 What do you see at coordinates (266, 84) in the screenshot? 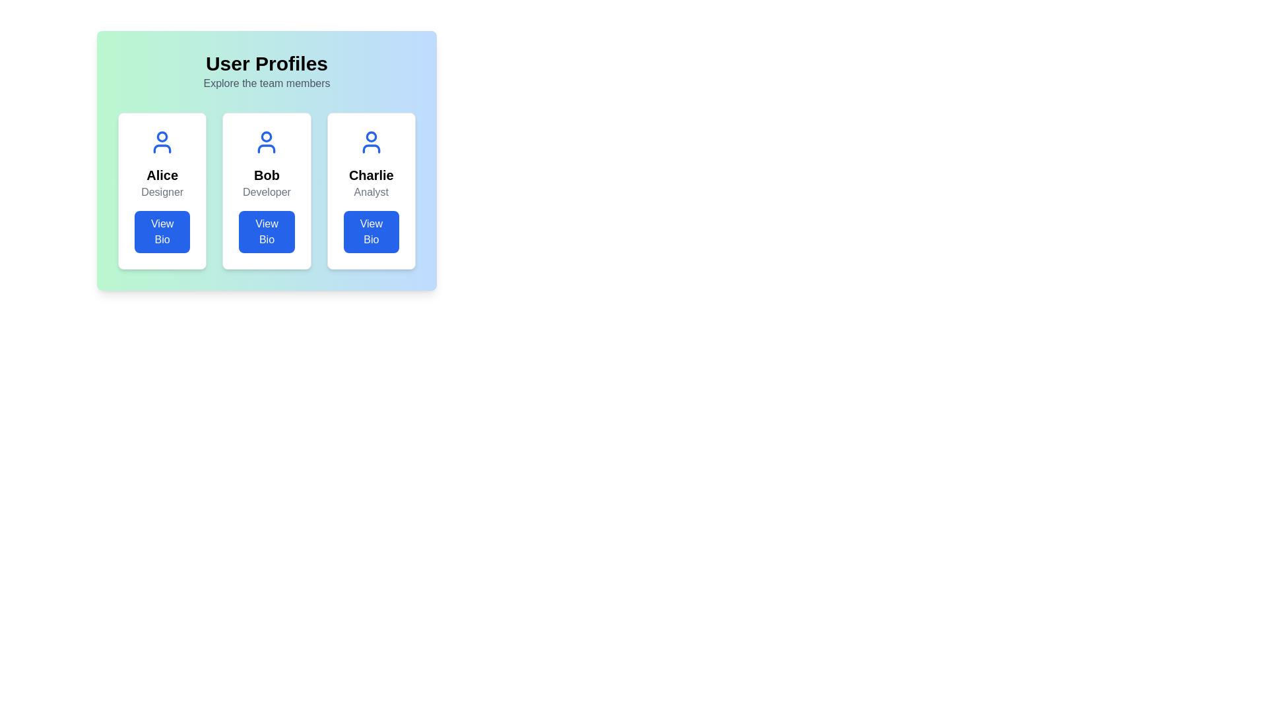
I see `the text label stating 'Explore the team members', which is positioned centrally beneath the 'User Profiles' heading` at bounding box center [266, 84].